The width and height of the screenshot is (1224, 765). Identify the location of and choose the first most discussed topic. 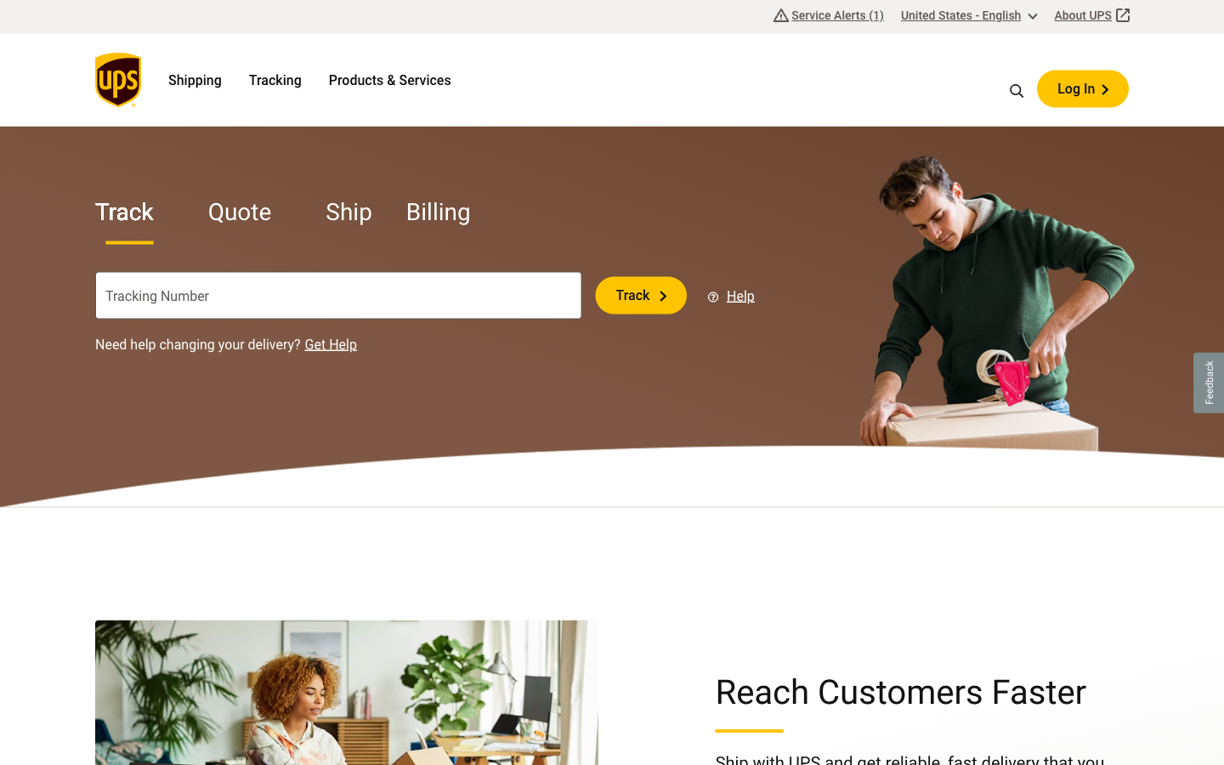
(1017, 88).